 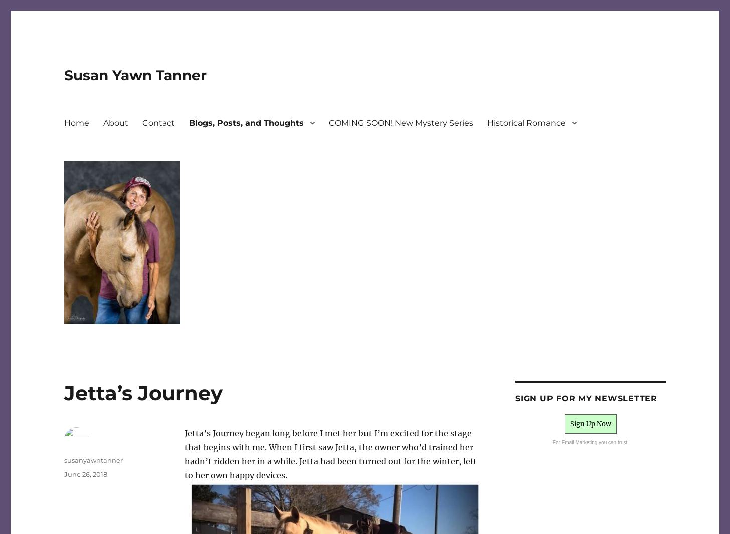 I want to click on 'Home', so click(x=77, y=122).